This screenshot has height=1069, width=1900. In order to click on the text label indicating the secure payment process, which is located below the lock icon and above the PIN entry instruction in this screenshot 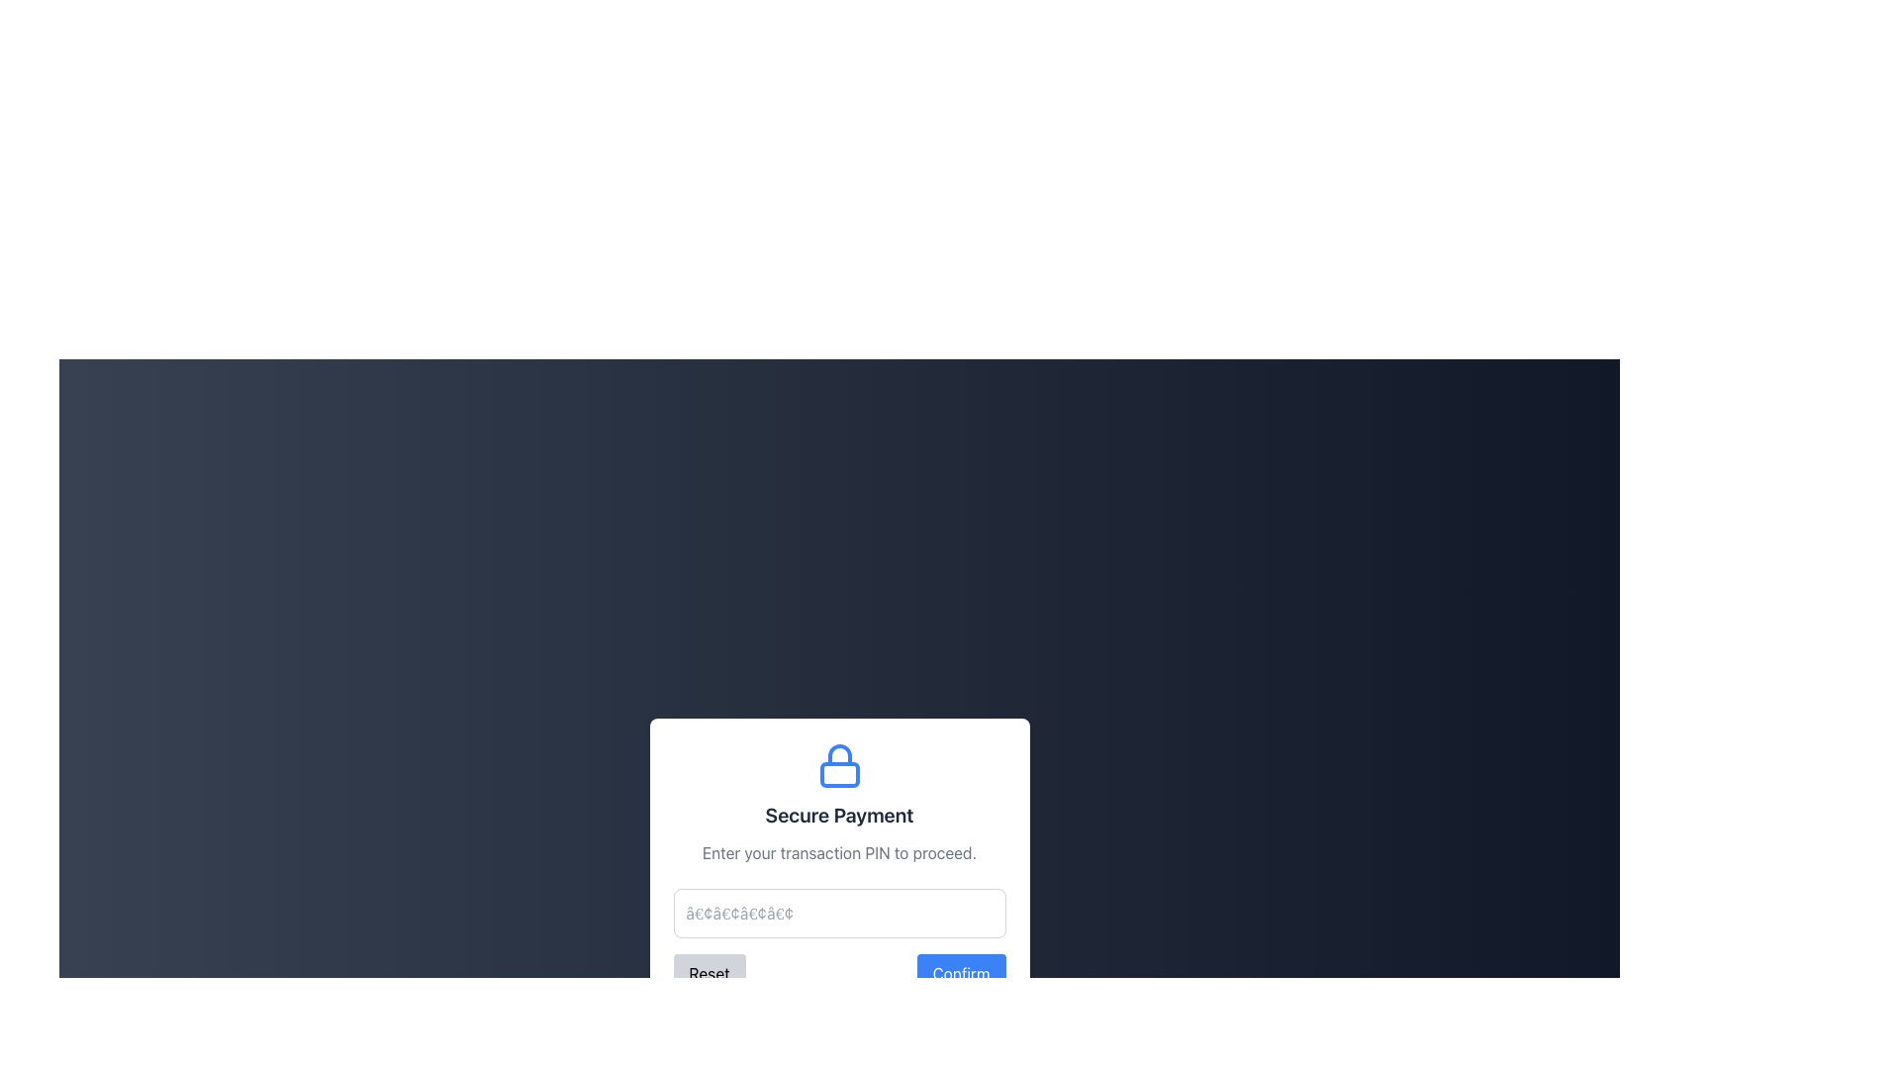, I will do `click(839, 816)`.